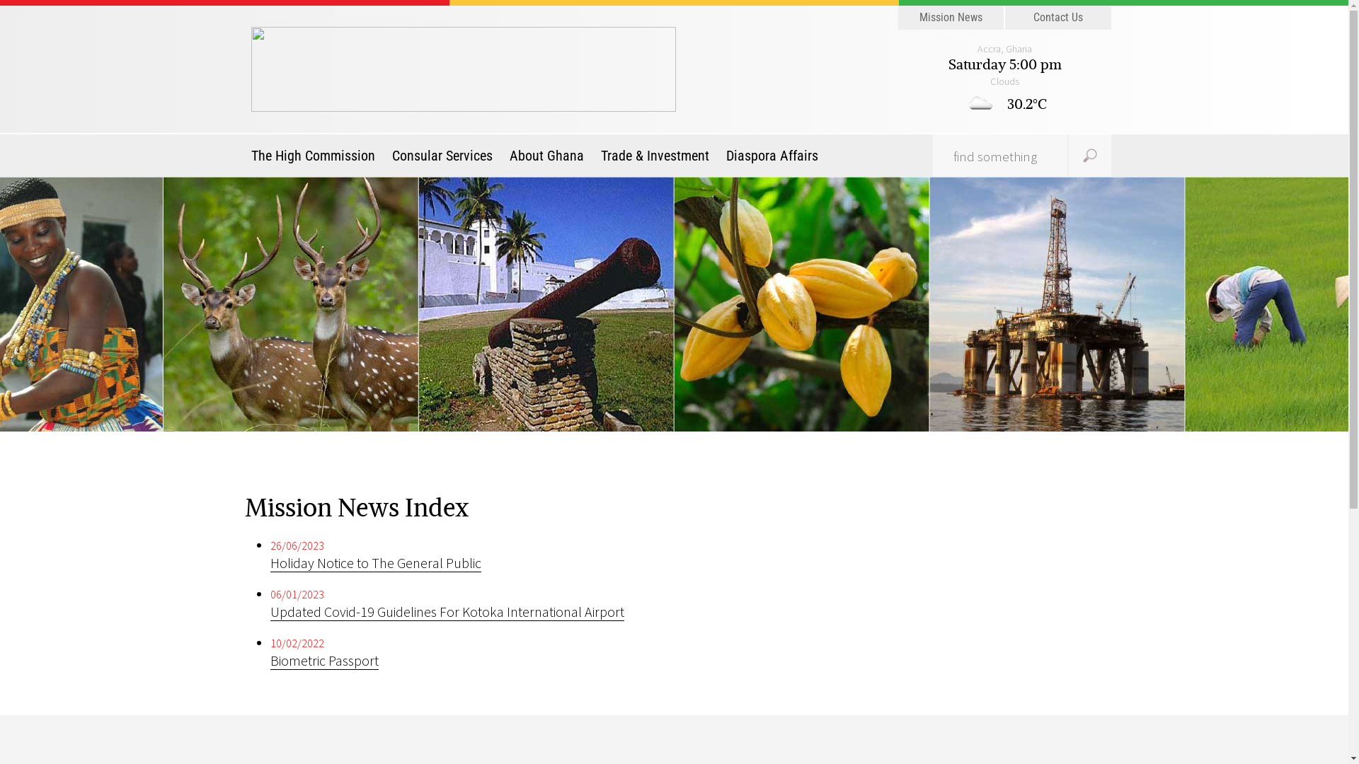  Describe the element at coordinates (1004, 17) in the screenshot. I see `'Contact Us'` at that location.